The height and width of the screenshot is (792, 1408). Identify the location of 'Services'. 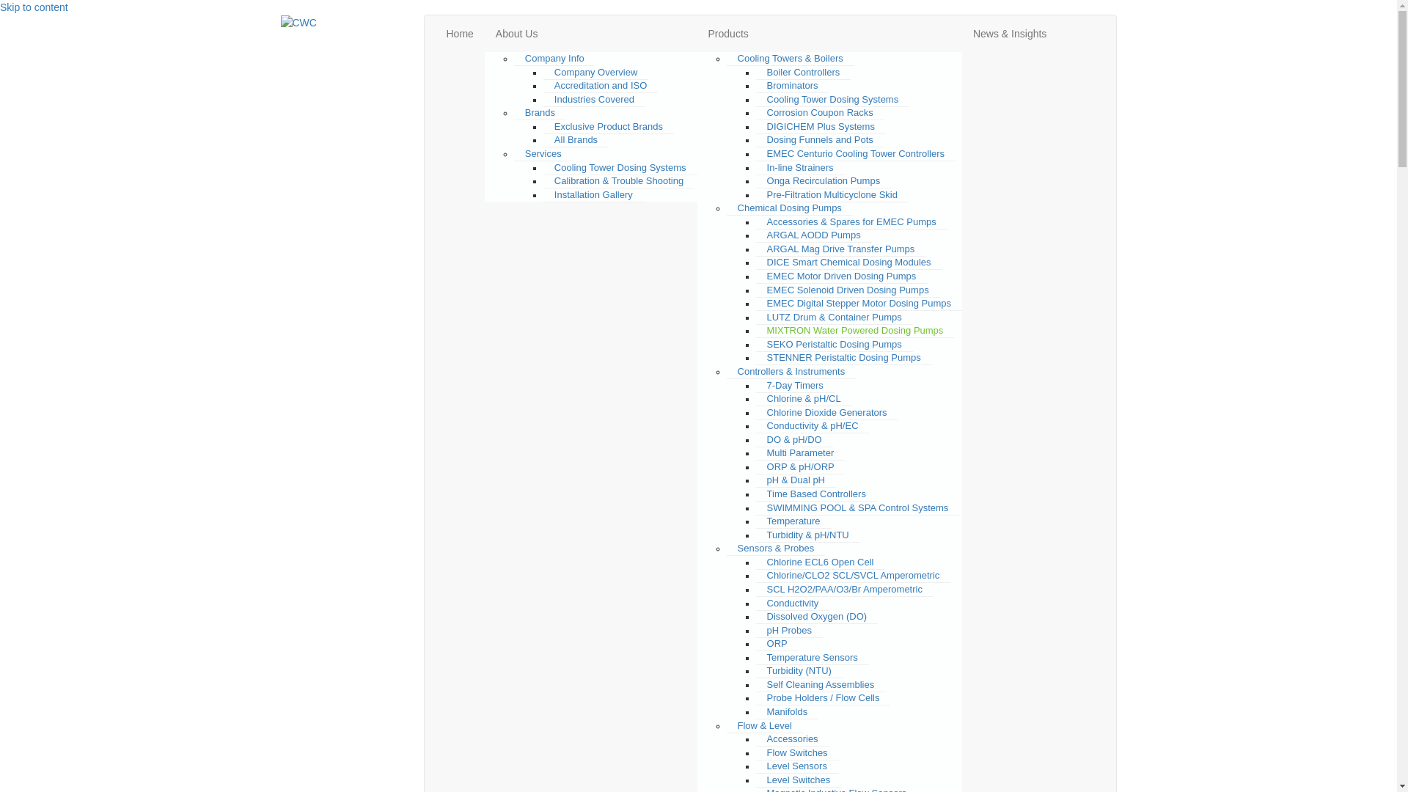
(513, 153).